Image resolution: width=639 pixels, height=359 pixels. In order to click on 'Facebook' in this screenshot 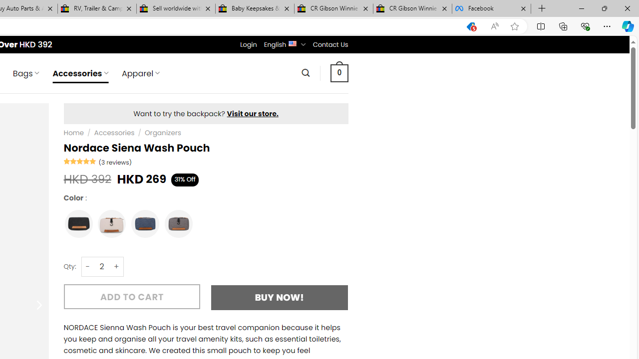, I will do `click(491, 8)`.